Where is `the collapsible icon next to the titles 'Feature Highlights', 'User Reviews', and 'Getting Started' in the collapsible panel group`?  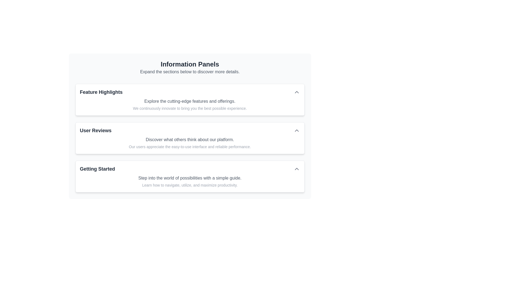 the collapsible icon next to the titles 'Feature Highlights', 'User Reviews', and 'Getting Started' in the collapsible panel group is located at coordinates (190, 138).